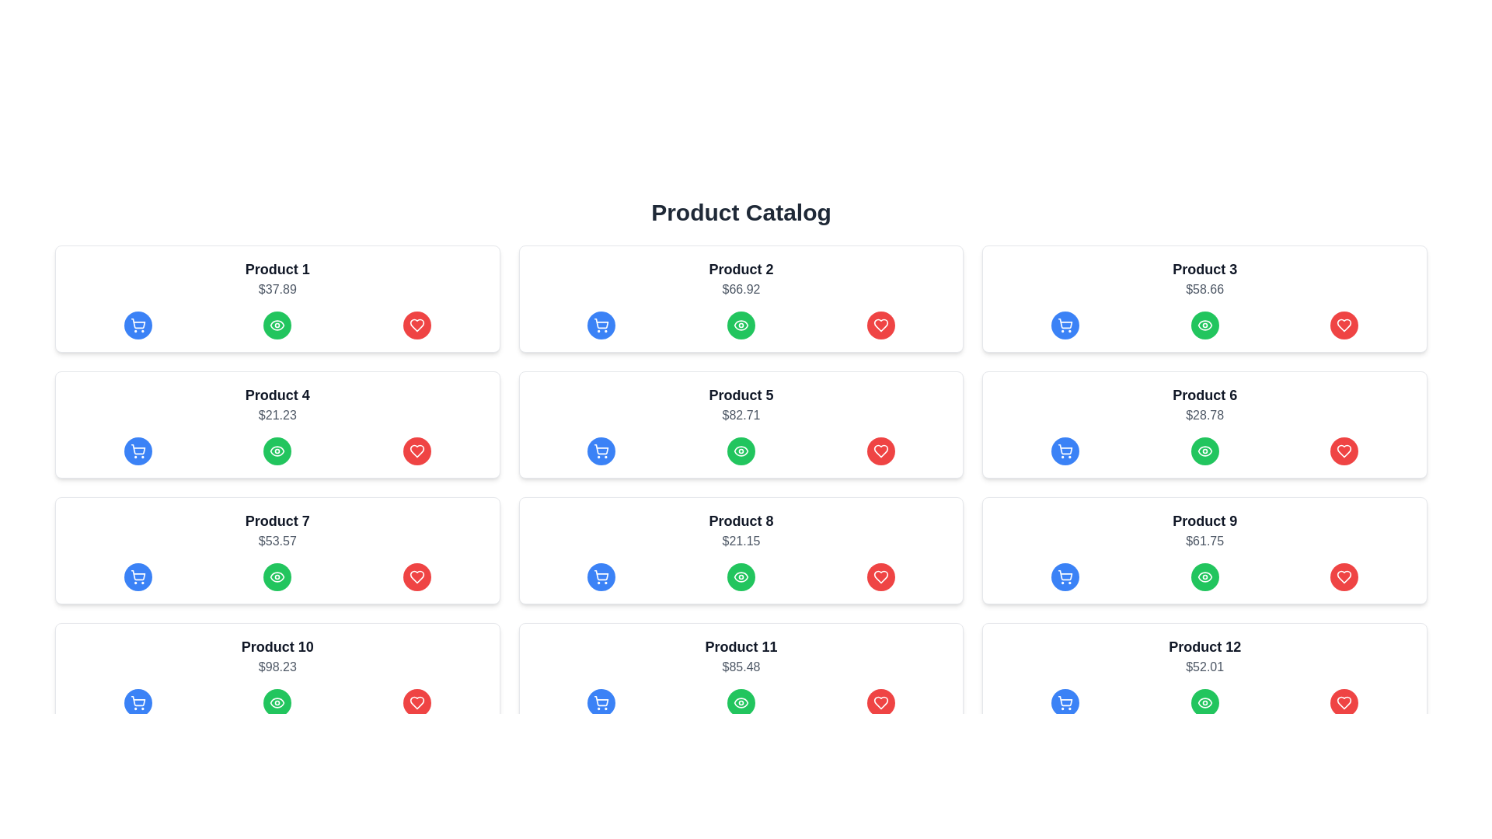 The height and width of the screenshot is (839, 1492). I want to click on the circular button with a red background and white heart icon, which is the third button in the 'Product 6' card in the Product Catalog, so click(1344, 451).